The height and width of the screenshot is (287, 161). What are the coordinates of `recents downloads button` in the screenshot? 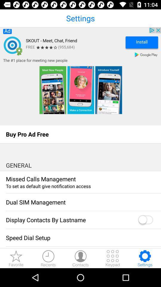 It's located at (48, 258).